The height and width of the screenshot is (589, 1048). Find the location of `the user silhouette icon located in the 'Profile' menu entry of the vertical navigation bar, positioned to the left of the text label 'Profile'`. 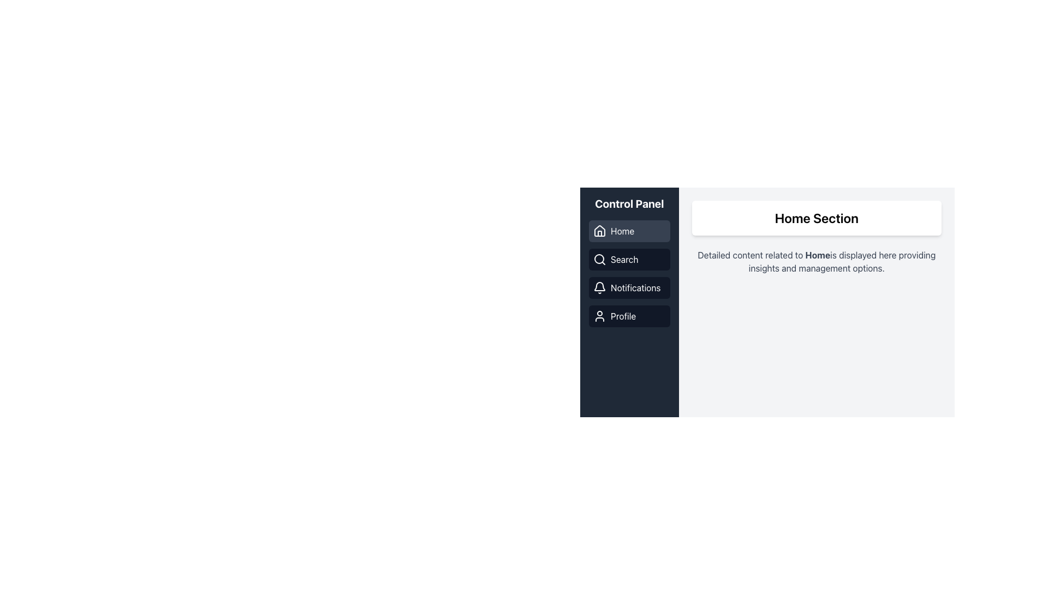

the user silhouette icon located in the 'Profile' menu entry of the vertical navigation bar, positioned to the left of the text label 'Profile' is located at coordinates (599, 316).